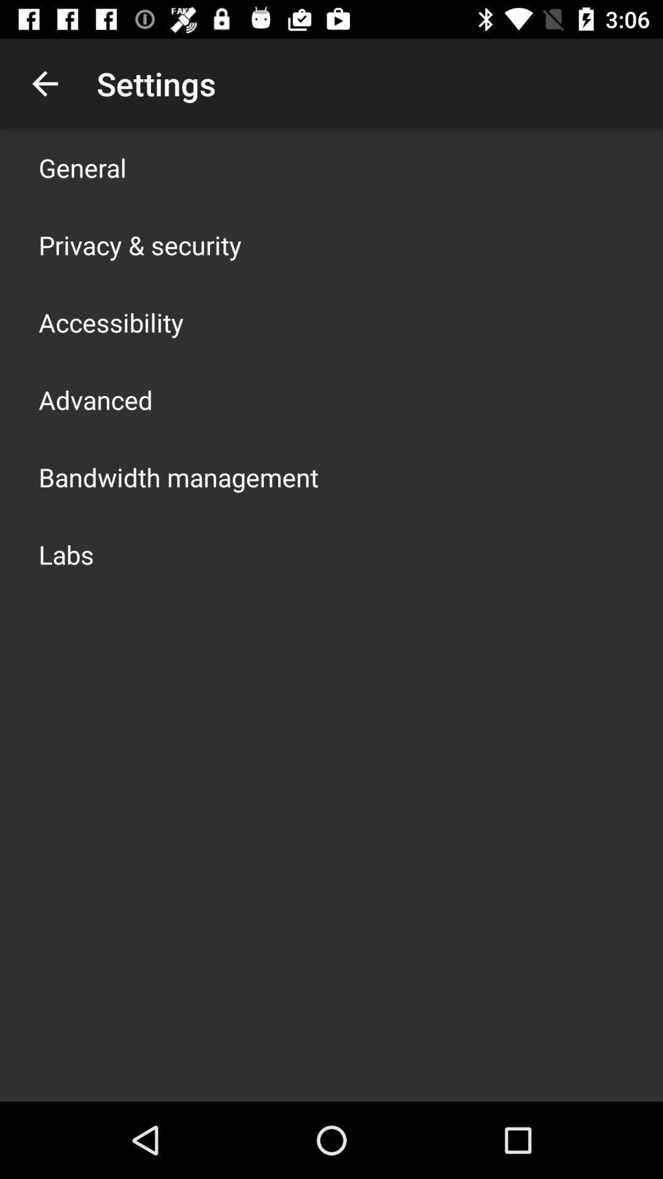 Image resolution: width=663 pixels, height=1179 pixels. I want to click on the item above privacy & security icon, so click(82, 167).